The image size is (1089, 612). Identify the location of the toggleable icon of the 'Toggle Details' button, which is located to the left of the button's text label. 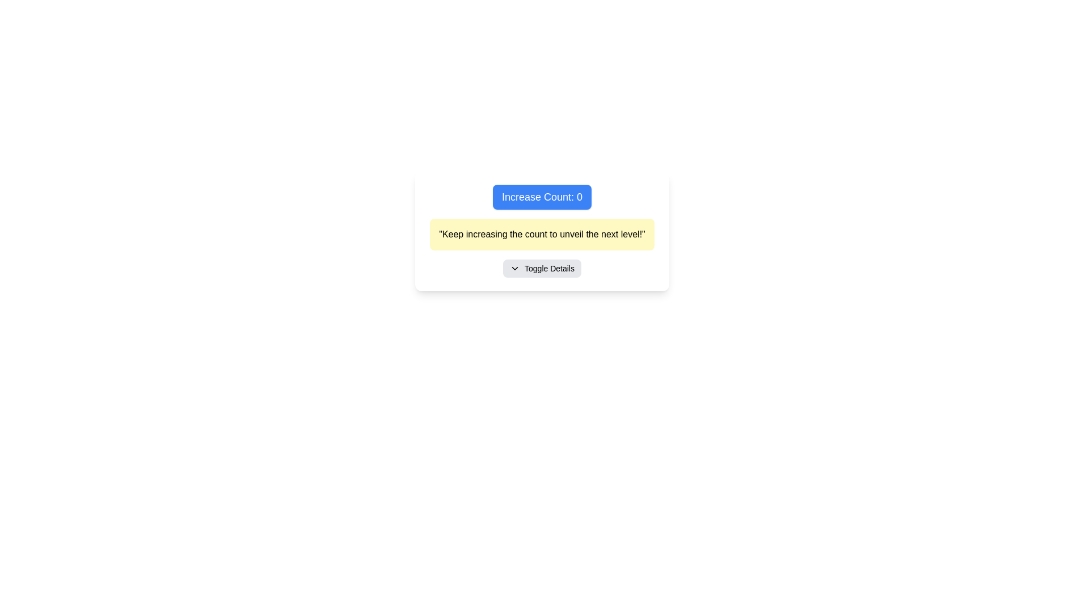
(514, 269).